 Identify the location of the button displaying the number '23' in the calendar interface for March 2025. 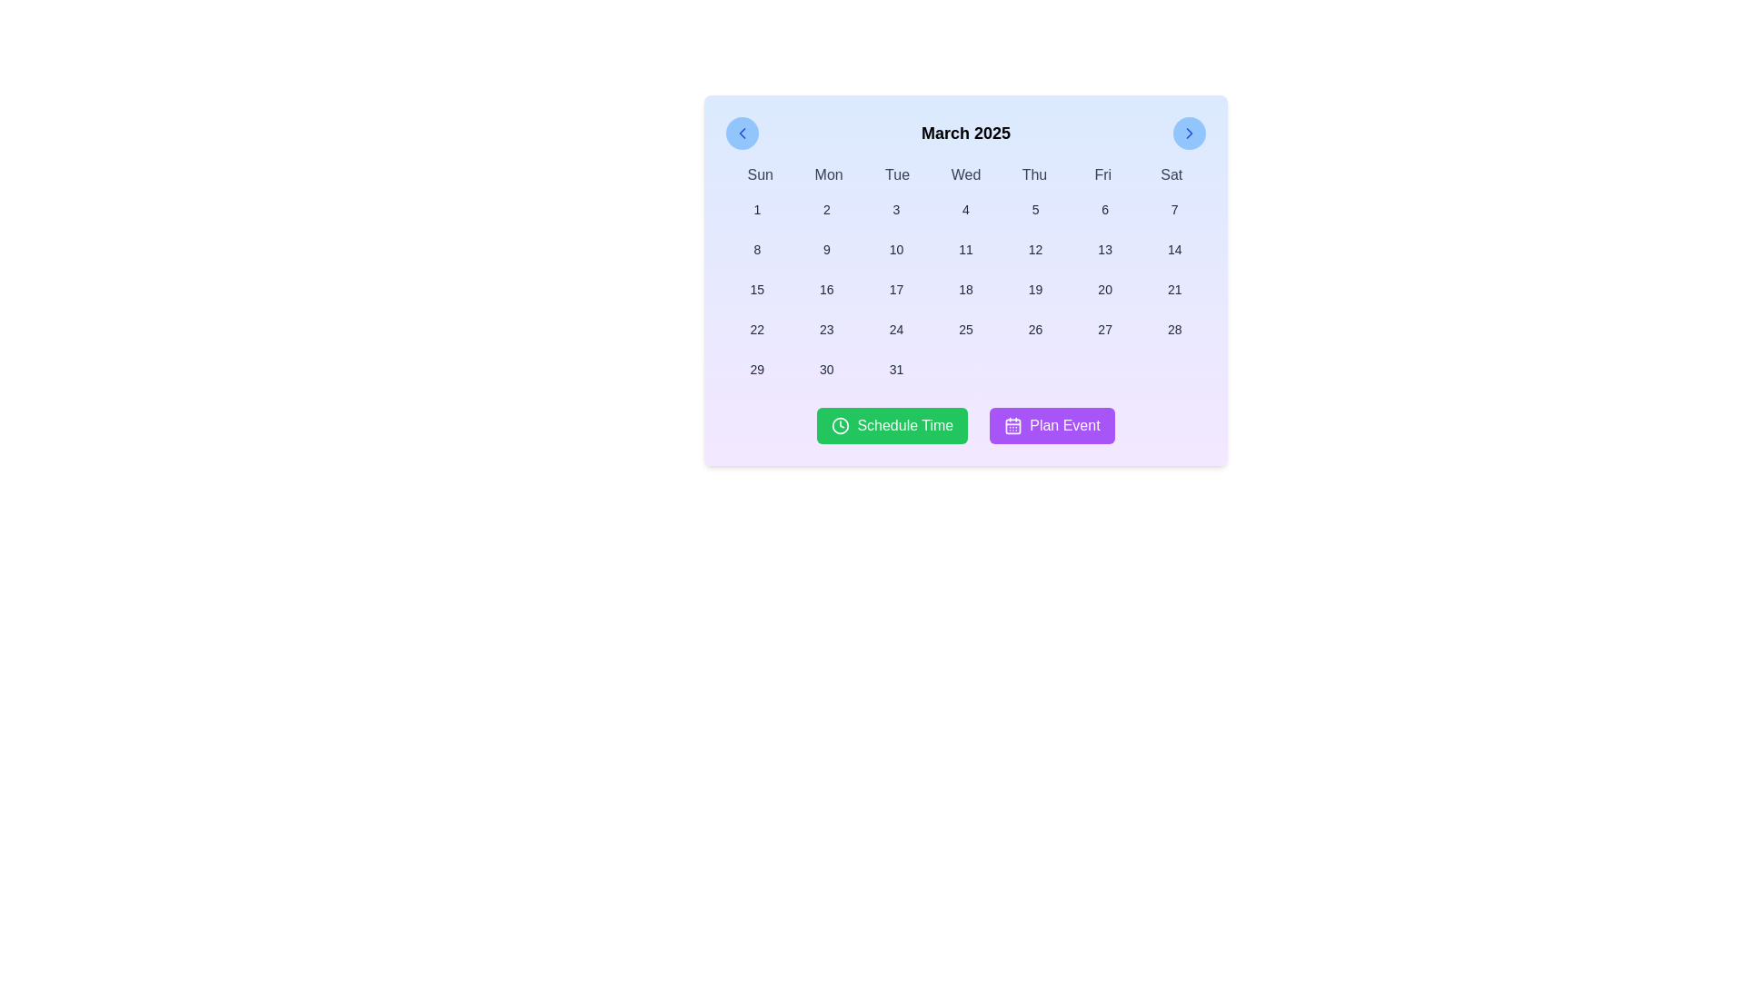
(825, 329).